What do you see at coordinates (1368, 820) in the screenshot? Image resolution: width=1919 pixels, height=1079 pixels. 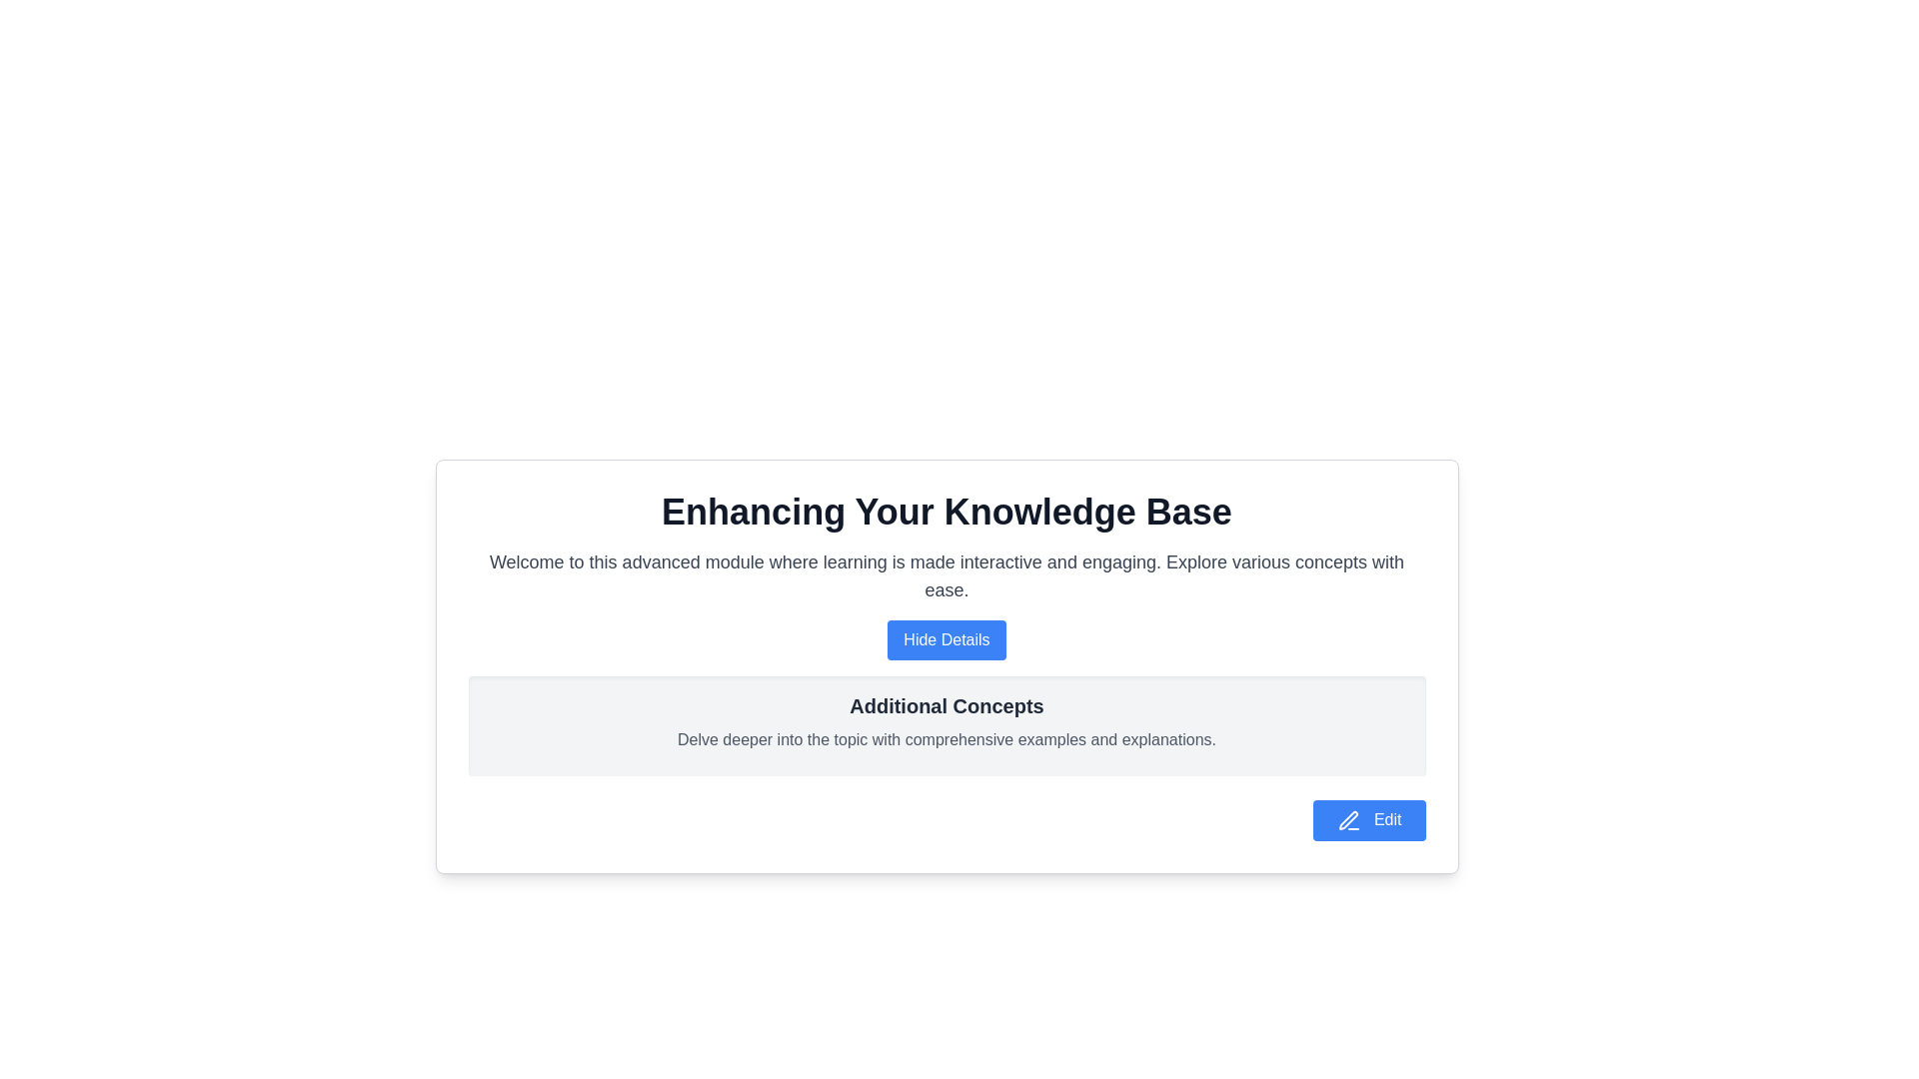 I see `the edit button located at the bottom-right of the card layout to observe the hover effects` at bounding box center [1368, 820].